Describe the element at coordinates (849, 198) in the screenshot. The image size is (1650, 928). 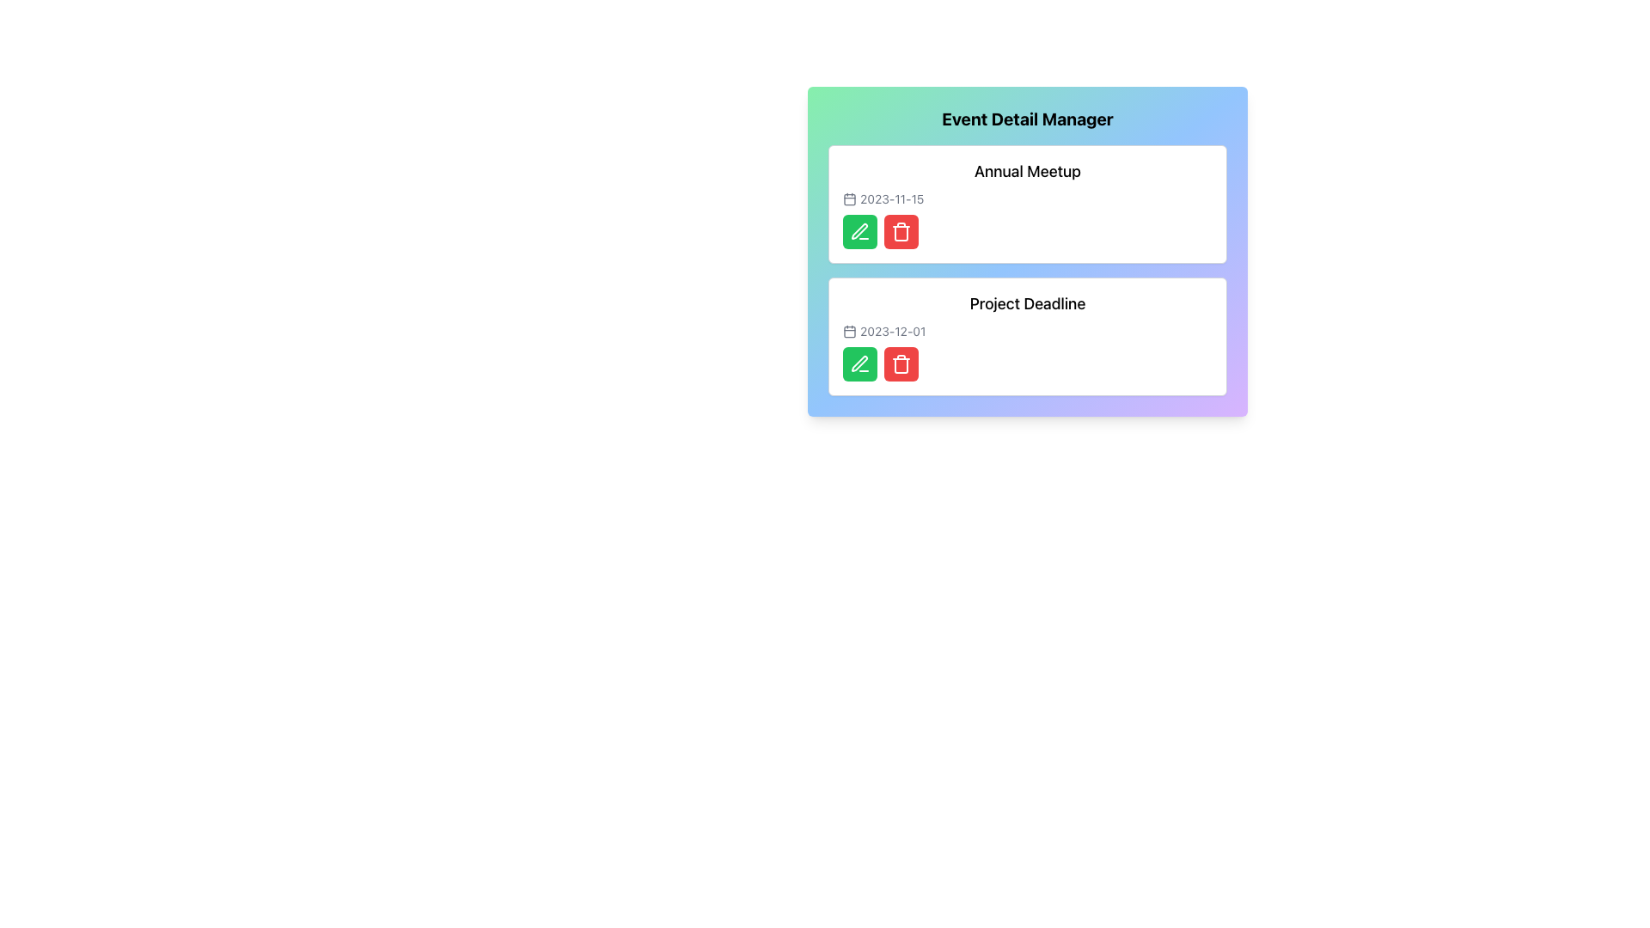
I see `the calendar icon located to the left of the date '2023-11-15' in the top section of the interface, enhancing the context of scheduling information` at that location.